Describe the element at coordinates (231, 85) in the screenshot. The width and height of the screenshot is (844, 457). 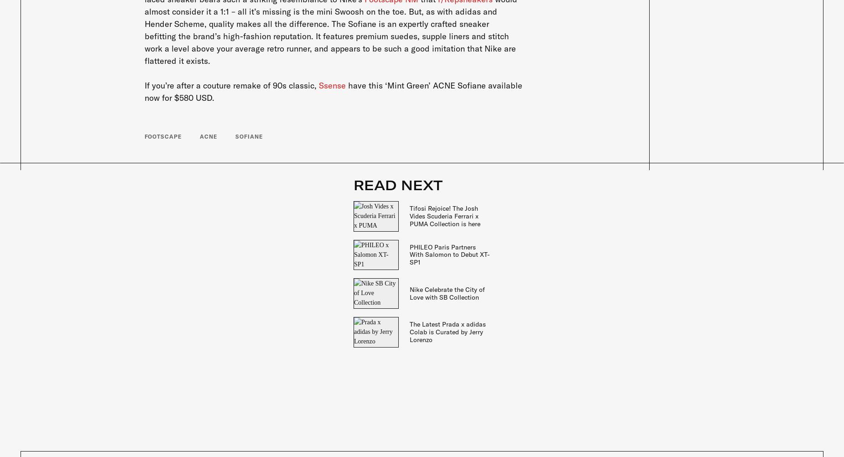
I see `'If you’re after a couture remake of 90s classic,'` at that location.